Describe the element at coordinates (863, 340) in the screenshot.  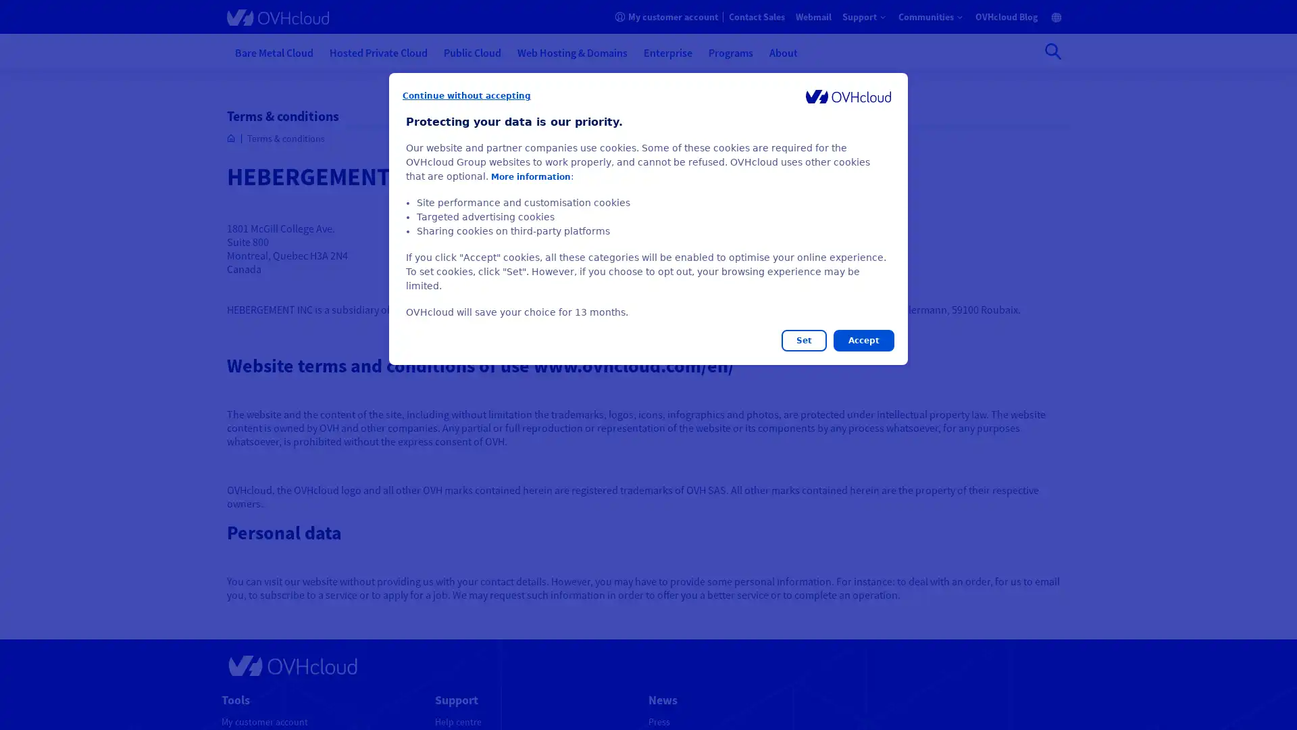
I see `Accept` at that location.